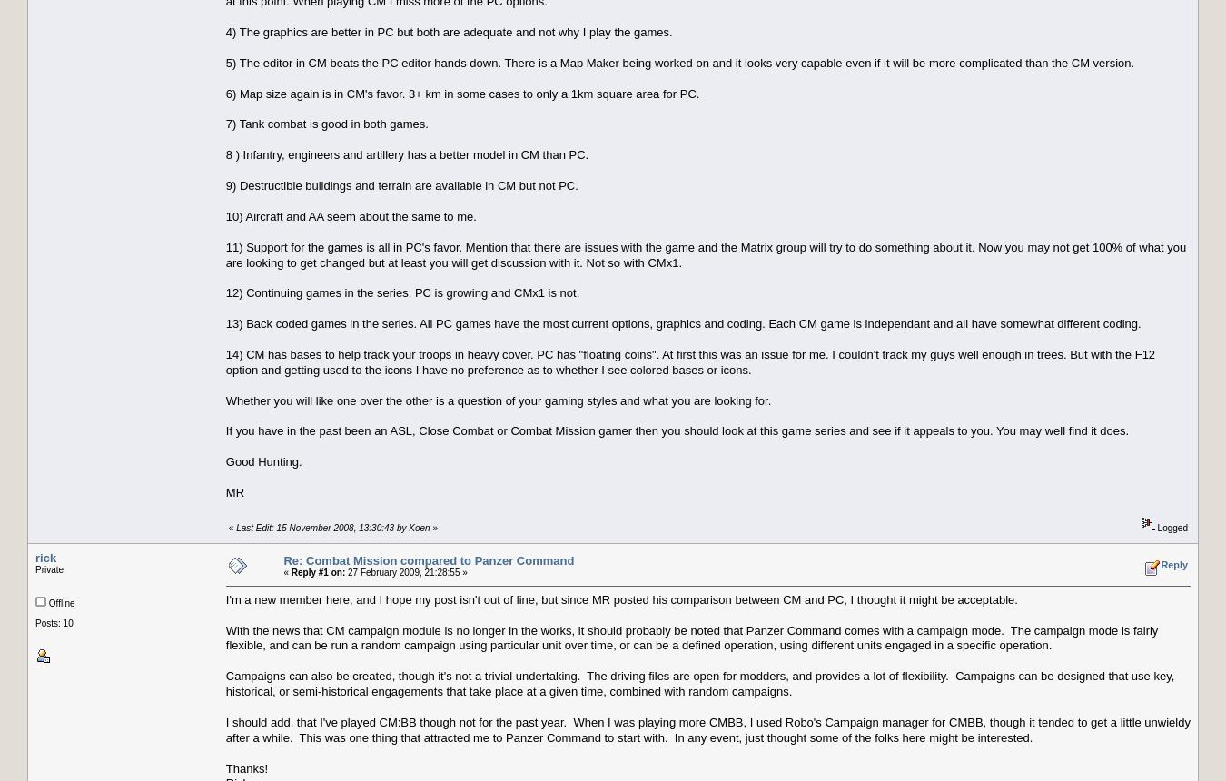 The width and height of the screenshot is (1226, 781). I want to click on '4) The graphics are better in PC but both are adequate and not why I play the games.', so click(447, 32).